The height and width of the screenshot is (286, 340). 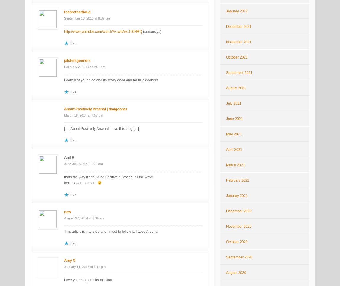 I want to click on 'May 2021', so click(x=233, y=134).